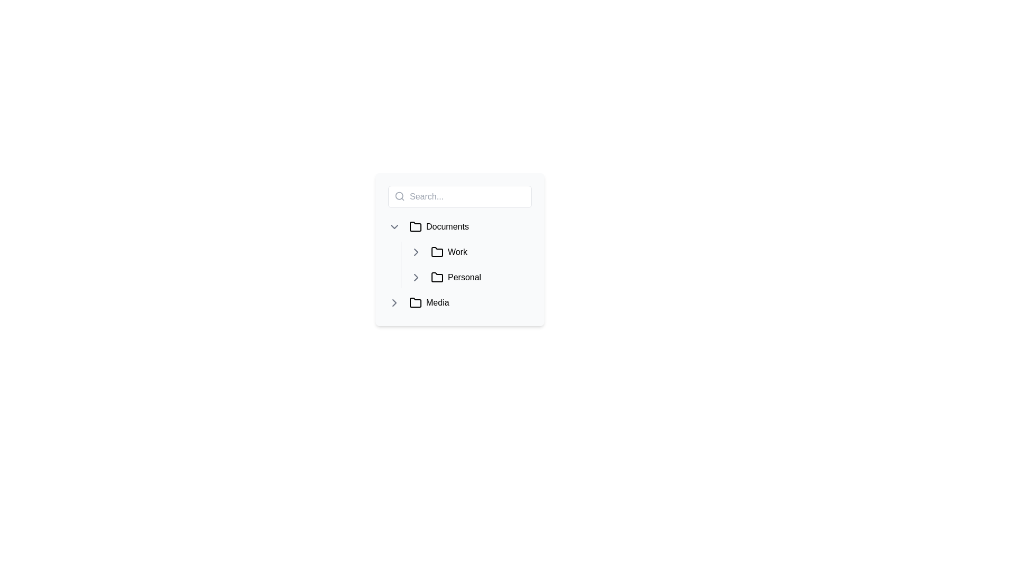 Image resolution: width=1014 pixels, height=570 pixels. Describe the element at coordinates (470, 252) in the screenshot. I see `the labeled folder named 'Work'` at that location.